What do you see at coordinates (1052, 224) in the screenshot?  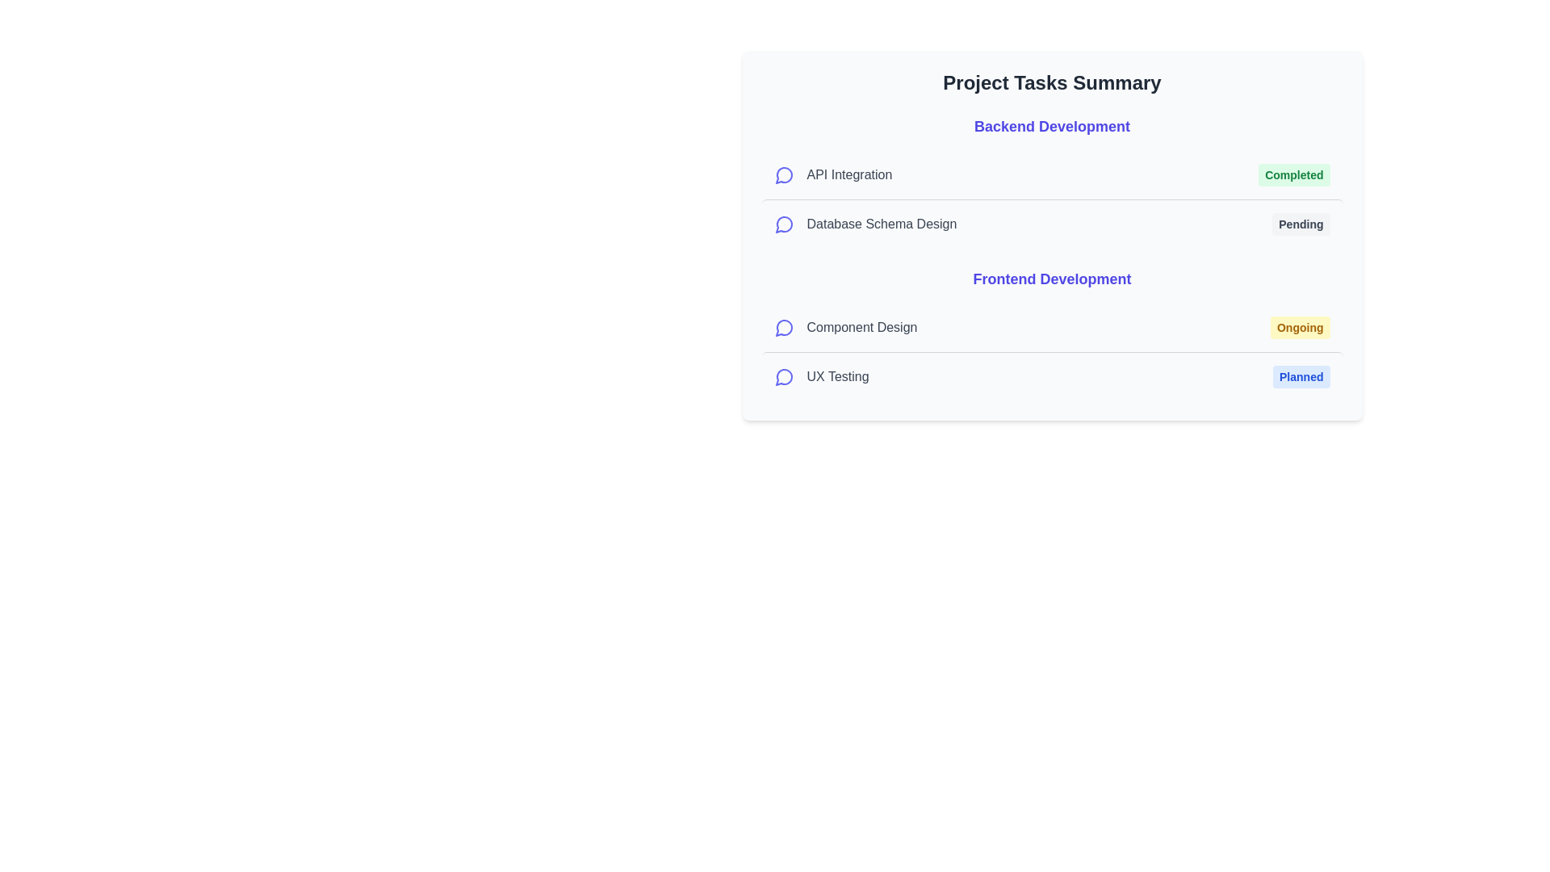 I see `the status indicator of the task entry labeled 'Database Schema Design' which has a status of 'Pending' in the 'Backend Development' section` at bounding box center [1052, 224].